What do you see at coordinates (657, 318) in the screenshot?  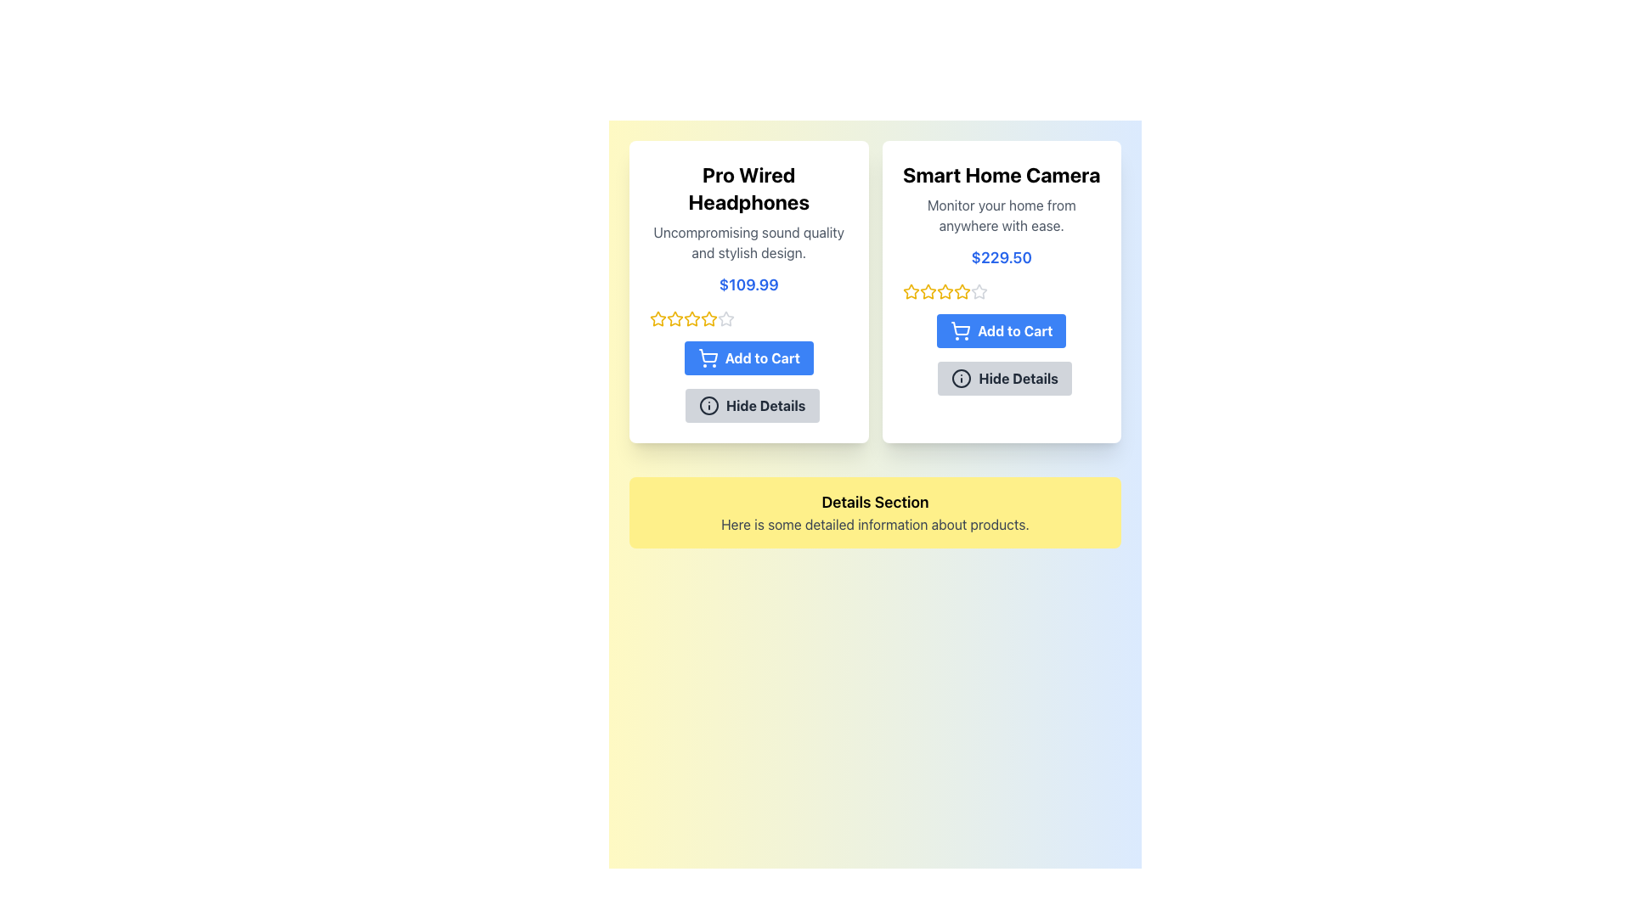 I see `the first yellow star-shaped rating icon below the product title 'Pro Wired Headphones'` at bounding box center [657, 318].